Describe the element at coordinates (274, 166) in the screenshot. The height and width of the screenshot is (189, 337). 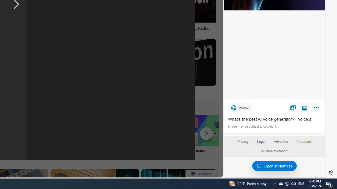
I see `'Open in New Tab'` at that location.